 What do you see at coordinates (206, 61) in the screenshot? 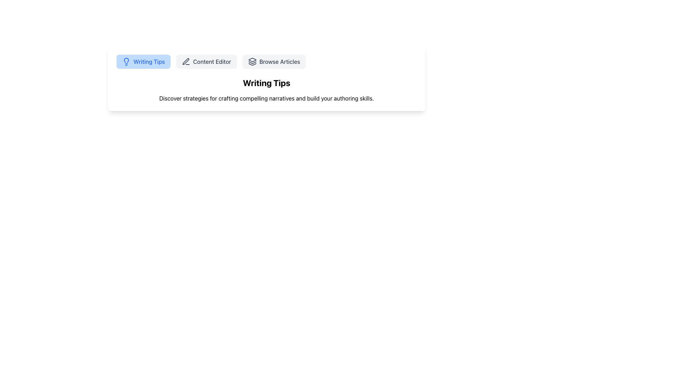
I see `the second button in the horizontal row of three buttons, which is located between the 'Writing Tips' button and the 'Browse Articles' button` at bounding box center [206, 61].